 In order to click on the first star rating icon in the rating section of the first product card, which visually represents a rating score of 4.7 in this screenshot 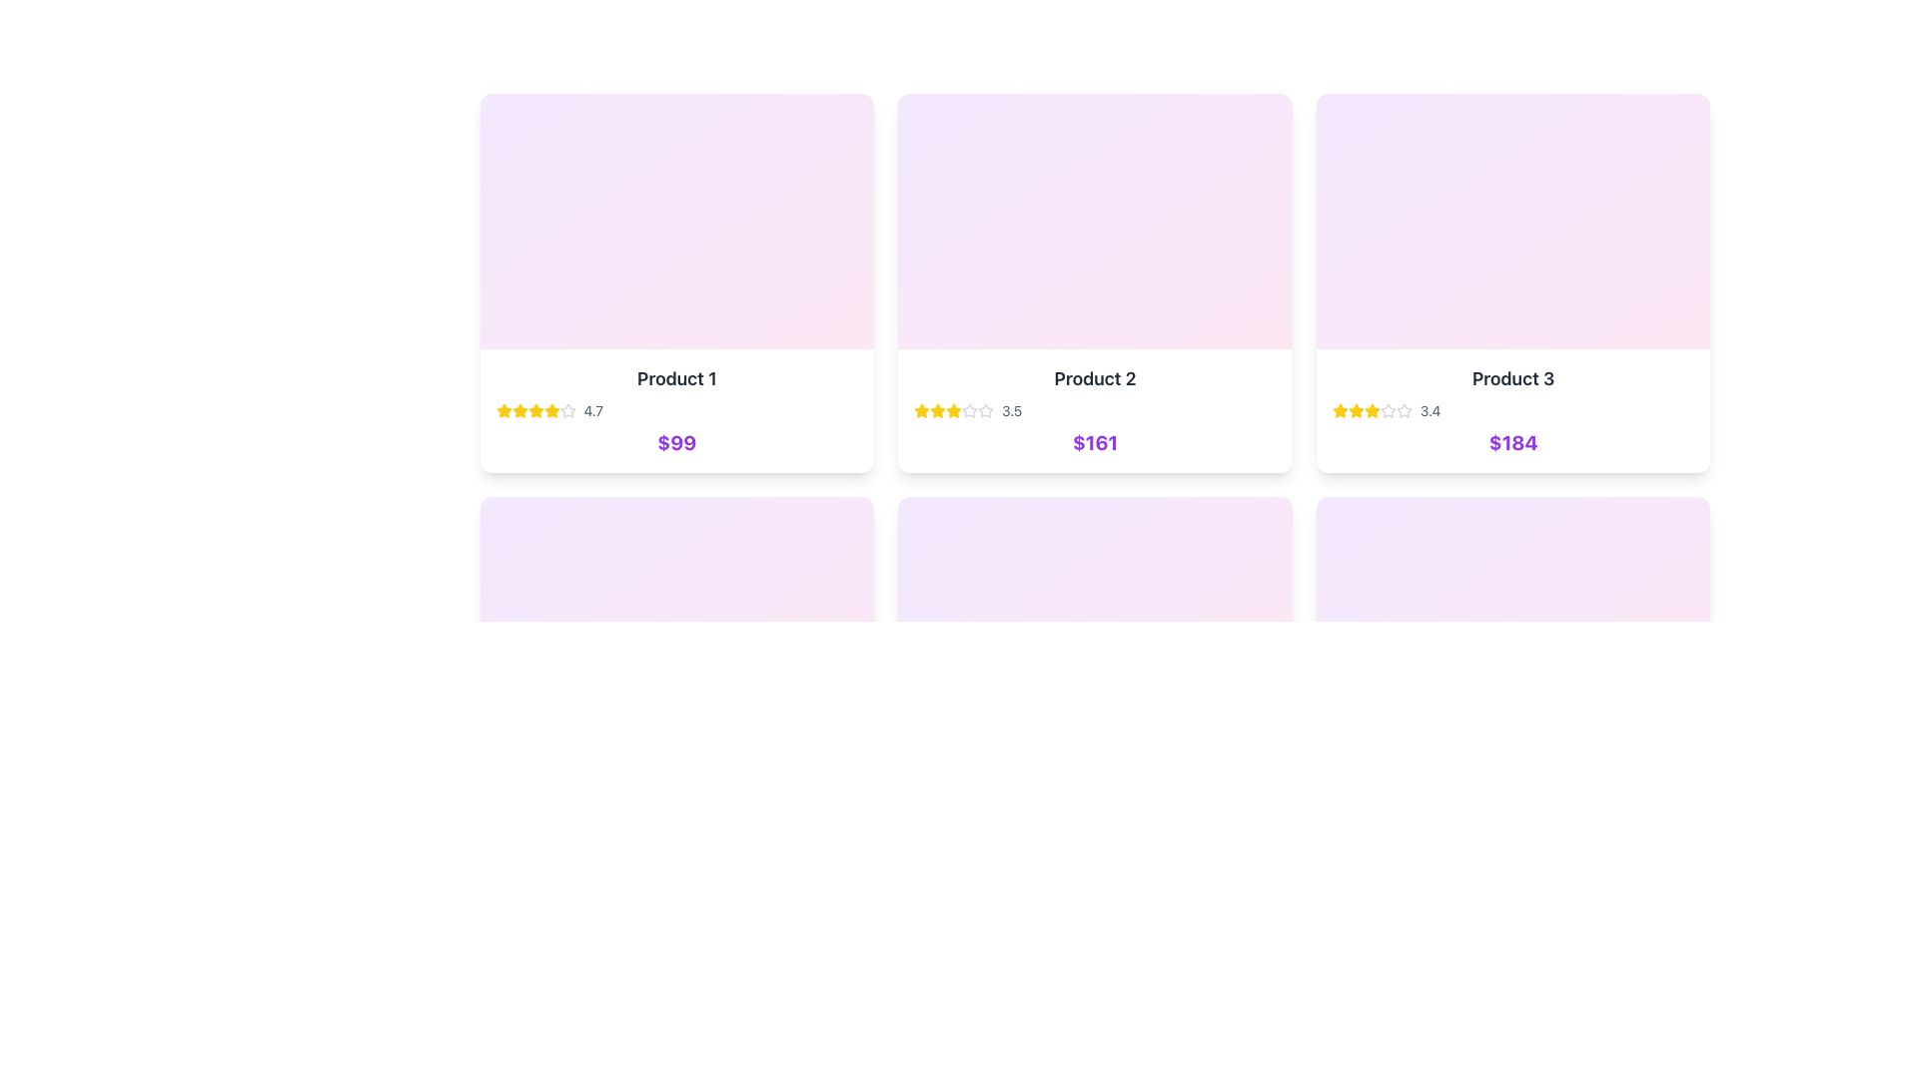, I will do `click(503, 410)`.